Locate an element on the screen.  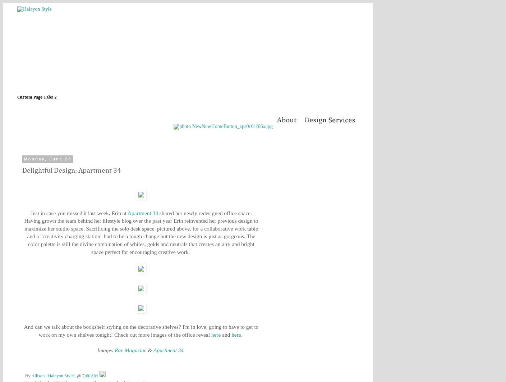
'By' is located at coordinates (28, 375).